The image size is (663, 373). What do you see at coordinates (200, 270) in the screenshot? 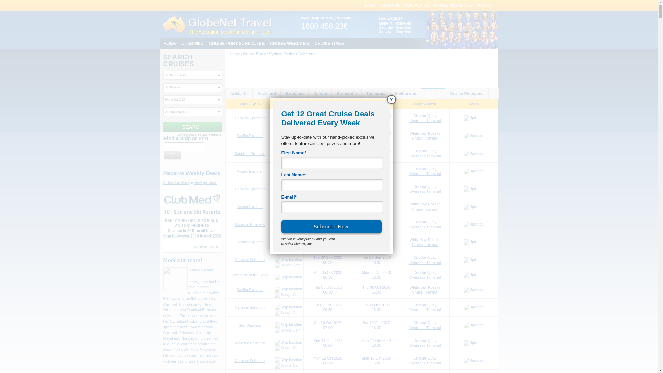
I see `'Lesleigh Ross'` at bounding box center [200, 270].